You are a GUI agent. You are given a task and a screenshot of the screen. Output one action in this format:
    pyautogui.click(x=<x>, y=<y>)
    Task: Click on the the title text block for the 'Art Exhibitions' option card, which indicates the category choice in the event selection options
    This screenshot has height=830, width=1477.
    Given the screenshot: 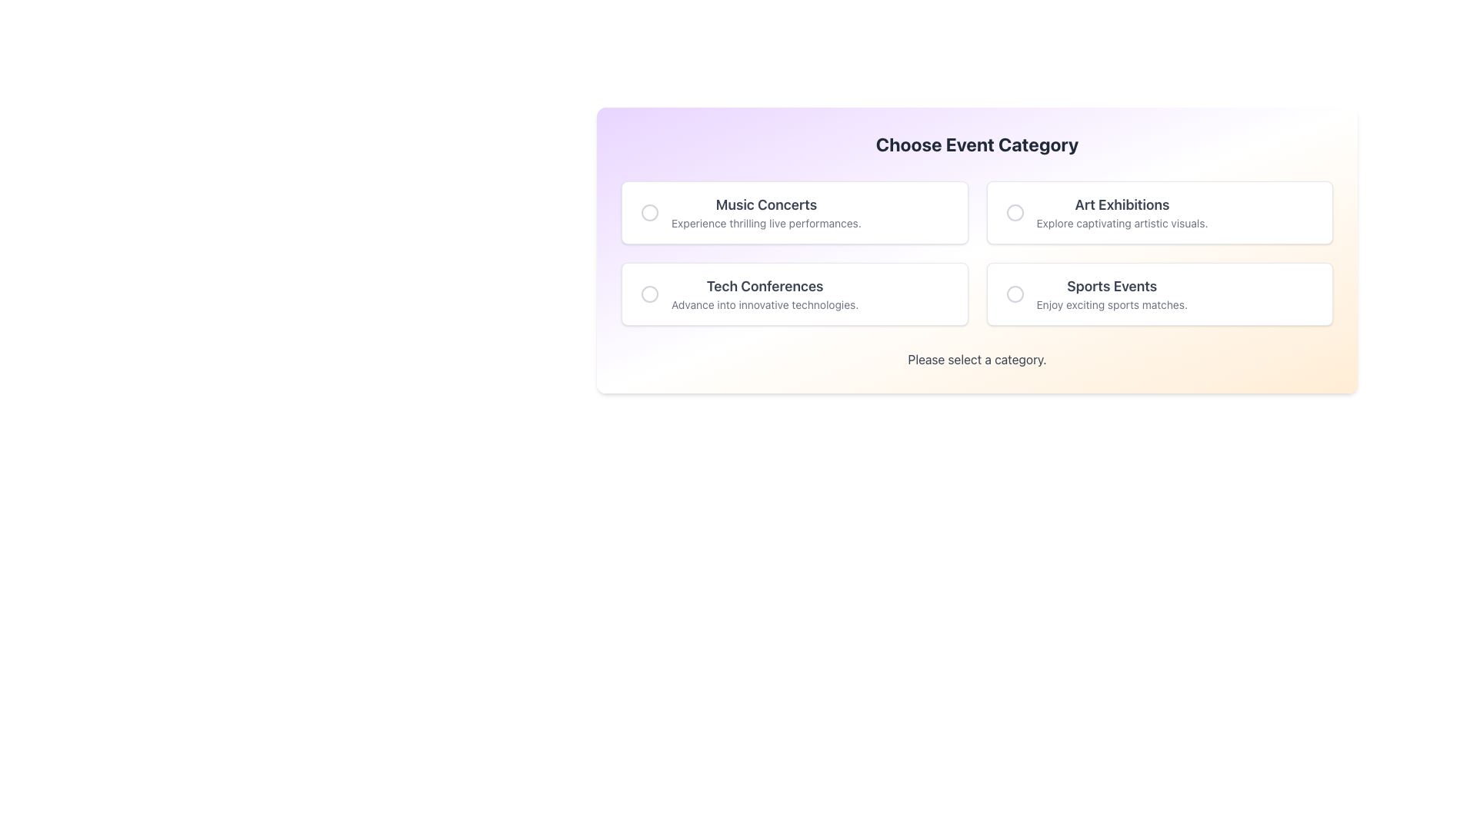 What is the action you would take?
    pyautogui.click(x=1122, y=204)
    